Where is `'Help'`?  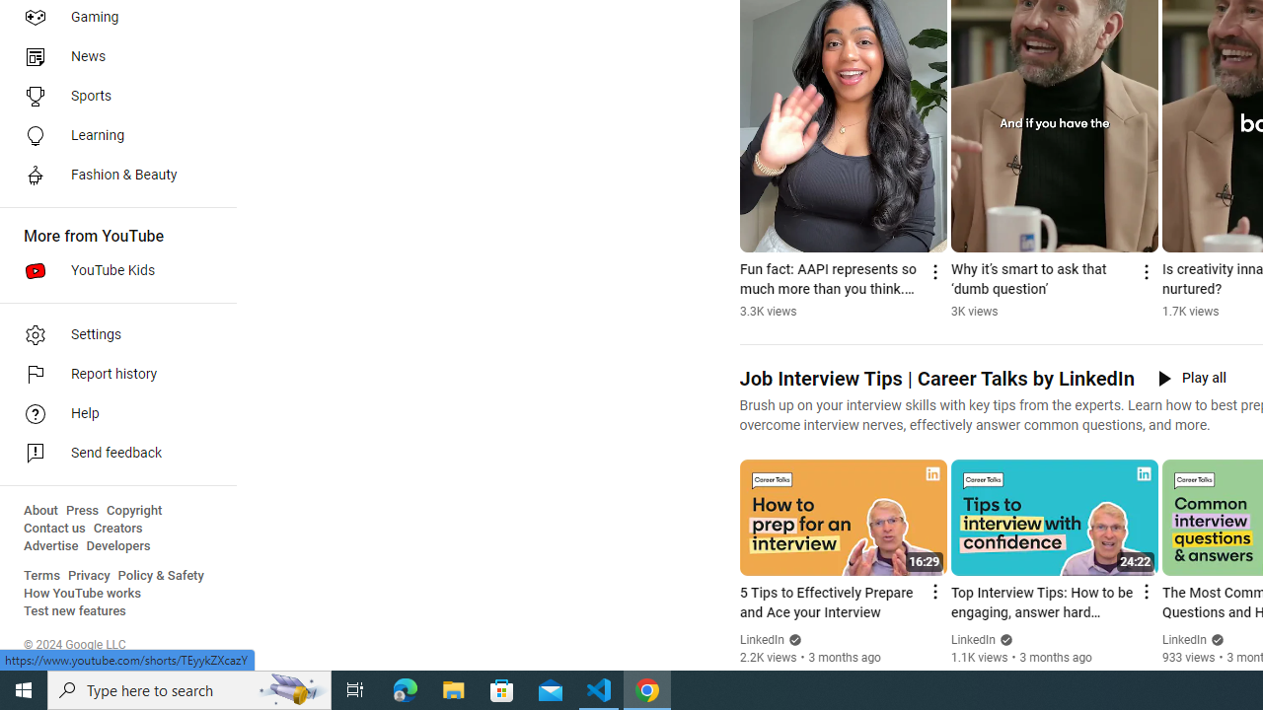 'Help' is located at coordinates (111, 413).